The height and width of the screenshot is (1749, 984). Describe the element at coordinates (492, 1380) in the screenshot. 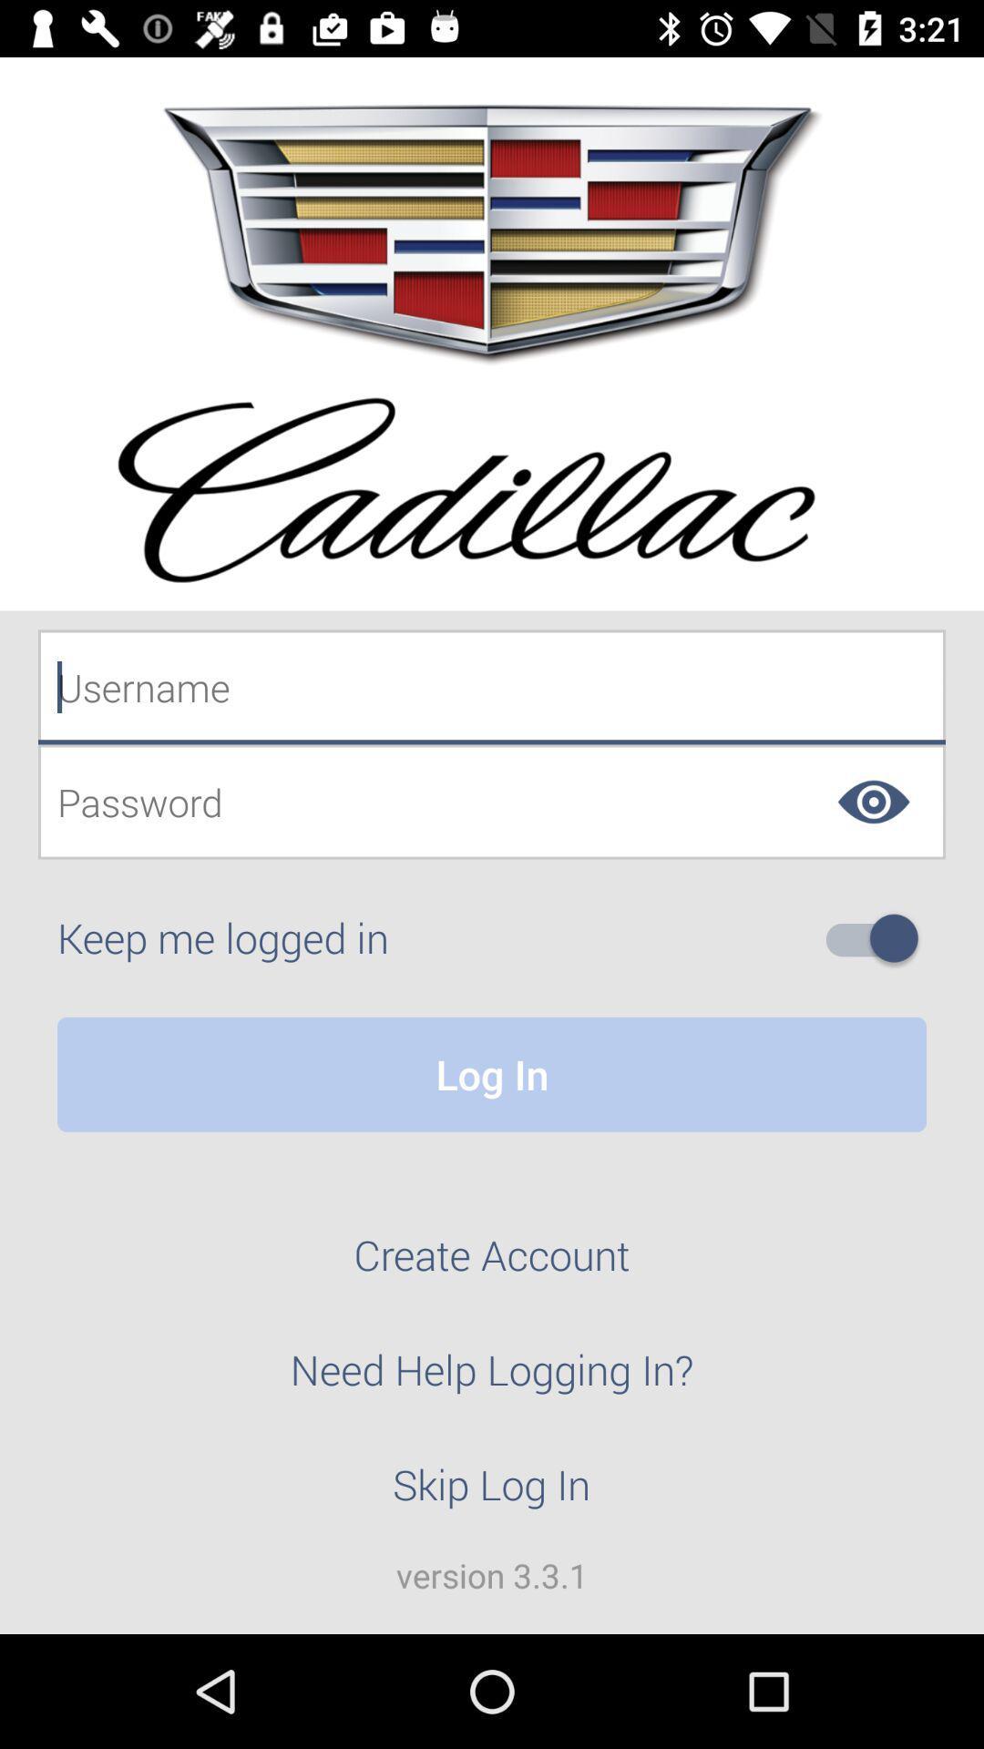

I see `the icon above skip log in item` at that location.